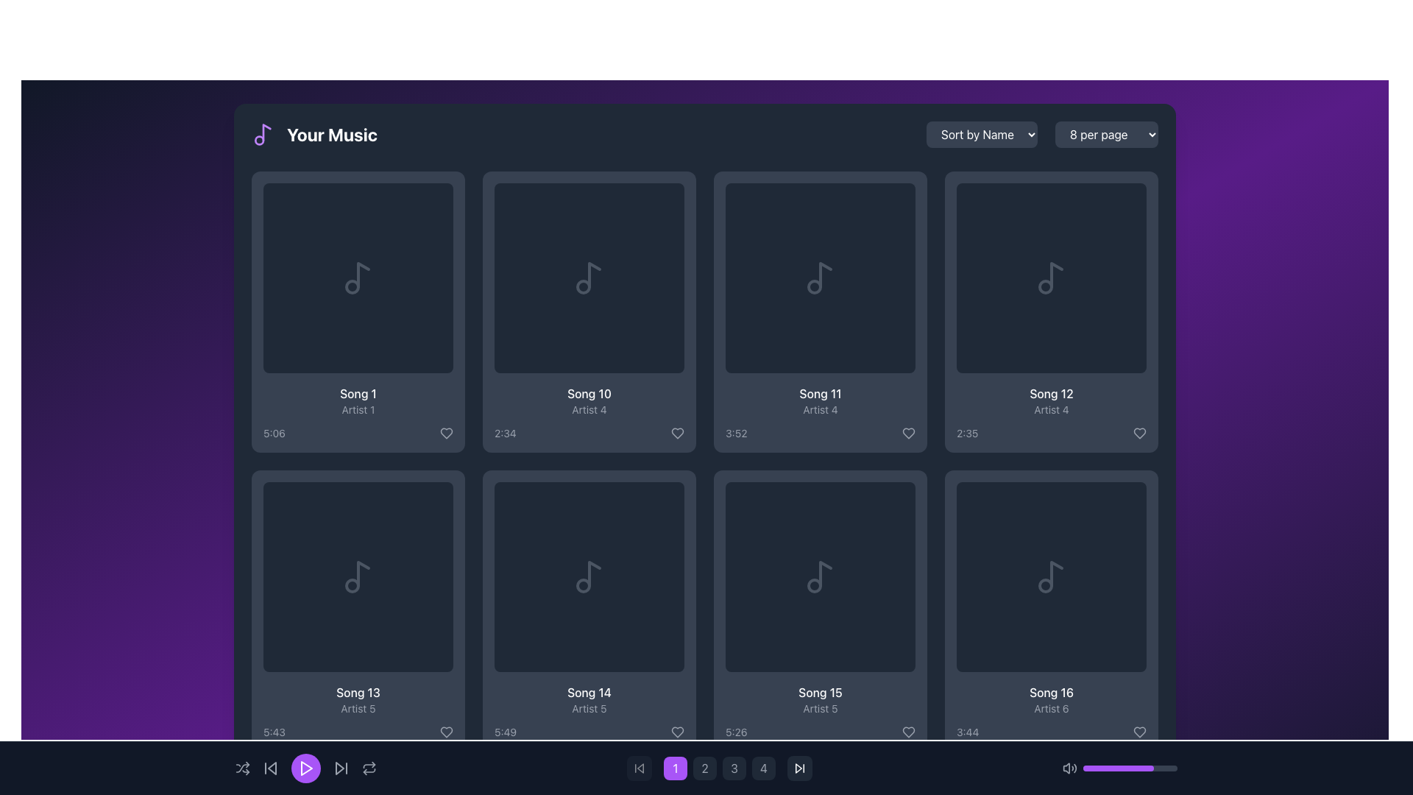 The image size is (1413, 795). Describe the element at coordinates (1136, 768) in the screenshot. I see `the volume` at that location.